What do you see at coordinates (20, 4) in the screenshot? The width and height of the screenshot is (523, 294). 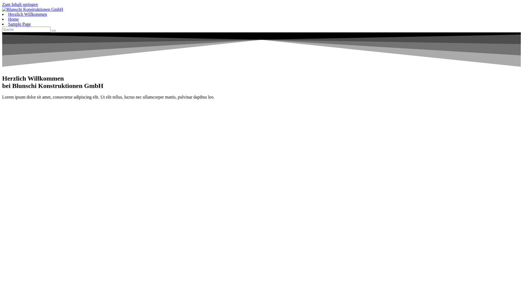 I see `'Zum Inhalt springen'` at bounding box center [20, 4].